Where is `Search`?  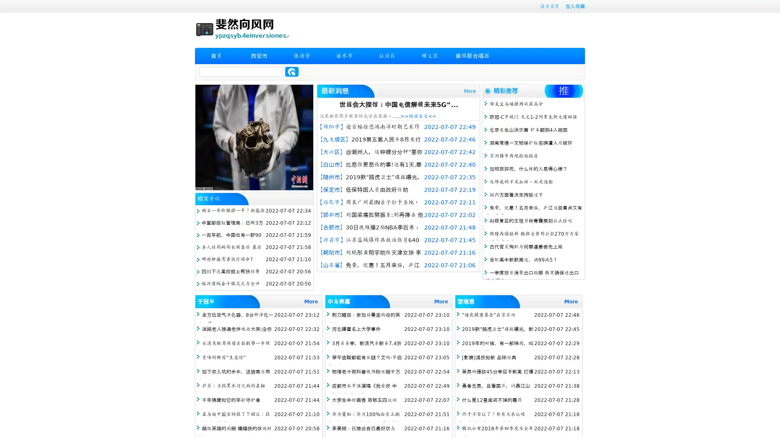
Search is located at coordinates (292, 71).